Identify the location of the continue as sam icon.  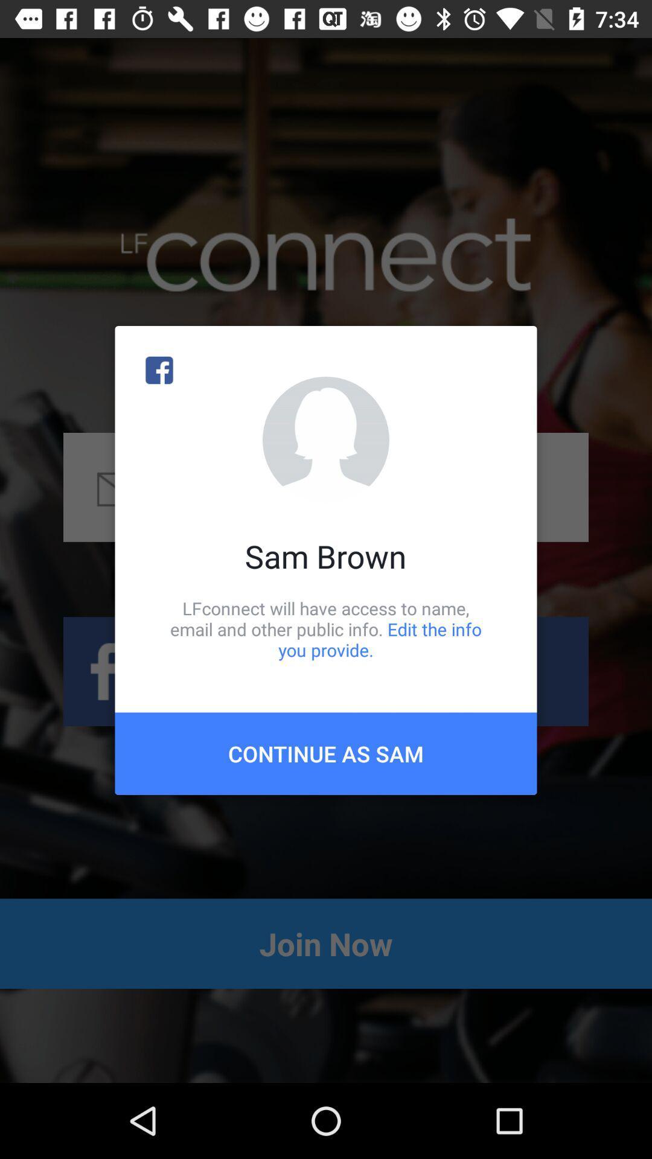
(326, 753).